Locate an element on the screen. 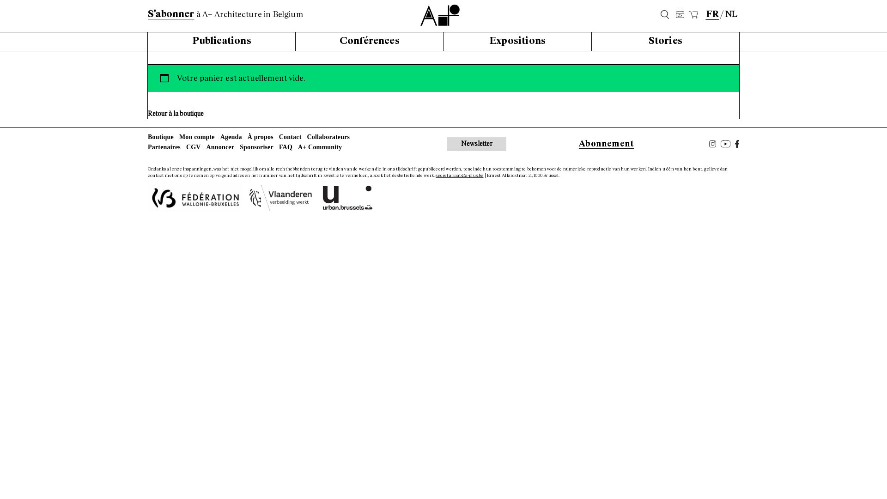 The height and width of the screenshot is (499, 887). 'secretariaat@a-plus.be' is located at coordinates (459, 176).